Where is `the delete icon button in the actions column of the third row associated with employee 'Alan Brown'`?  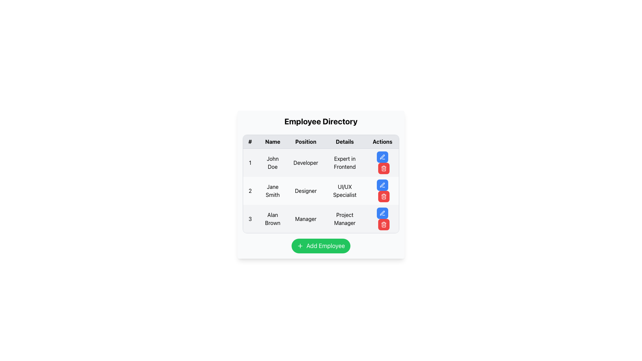 the delete icon button in the actions column of the third row associated with employee 'Alan Brown' is located at coordinates (384, 168).